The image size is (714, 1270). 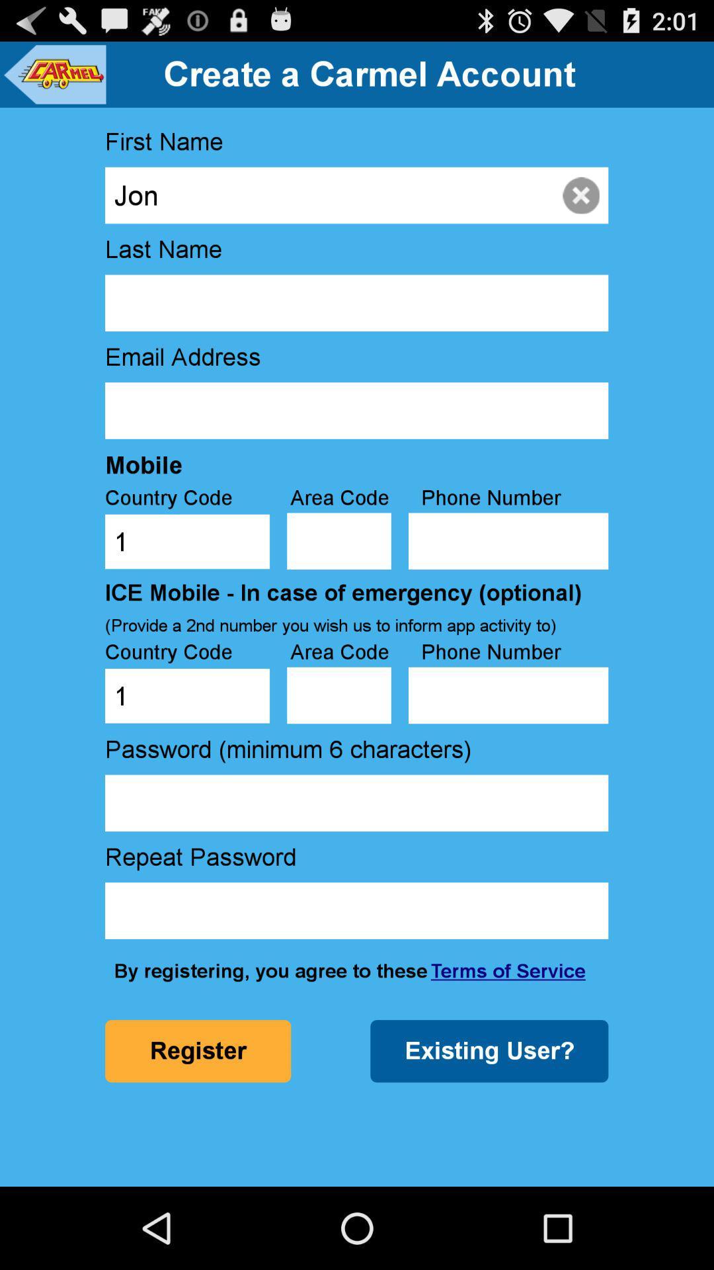 I want to click on jon item, so click(x=356, y=194).